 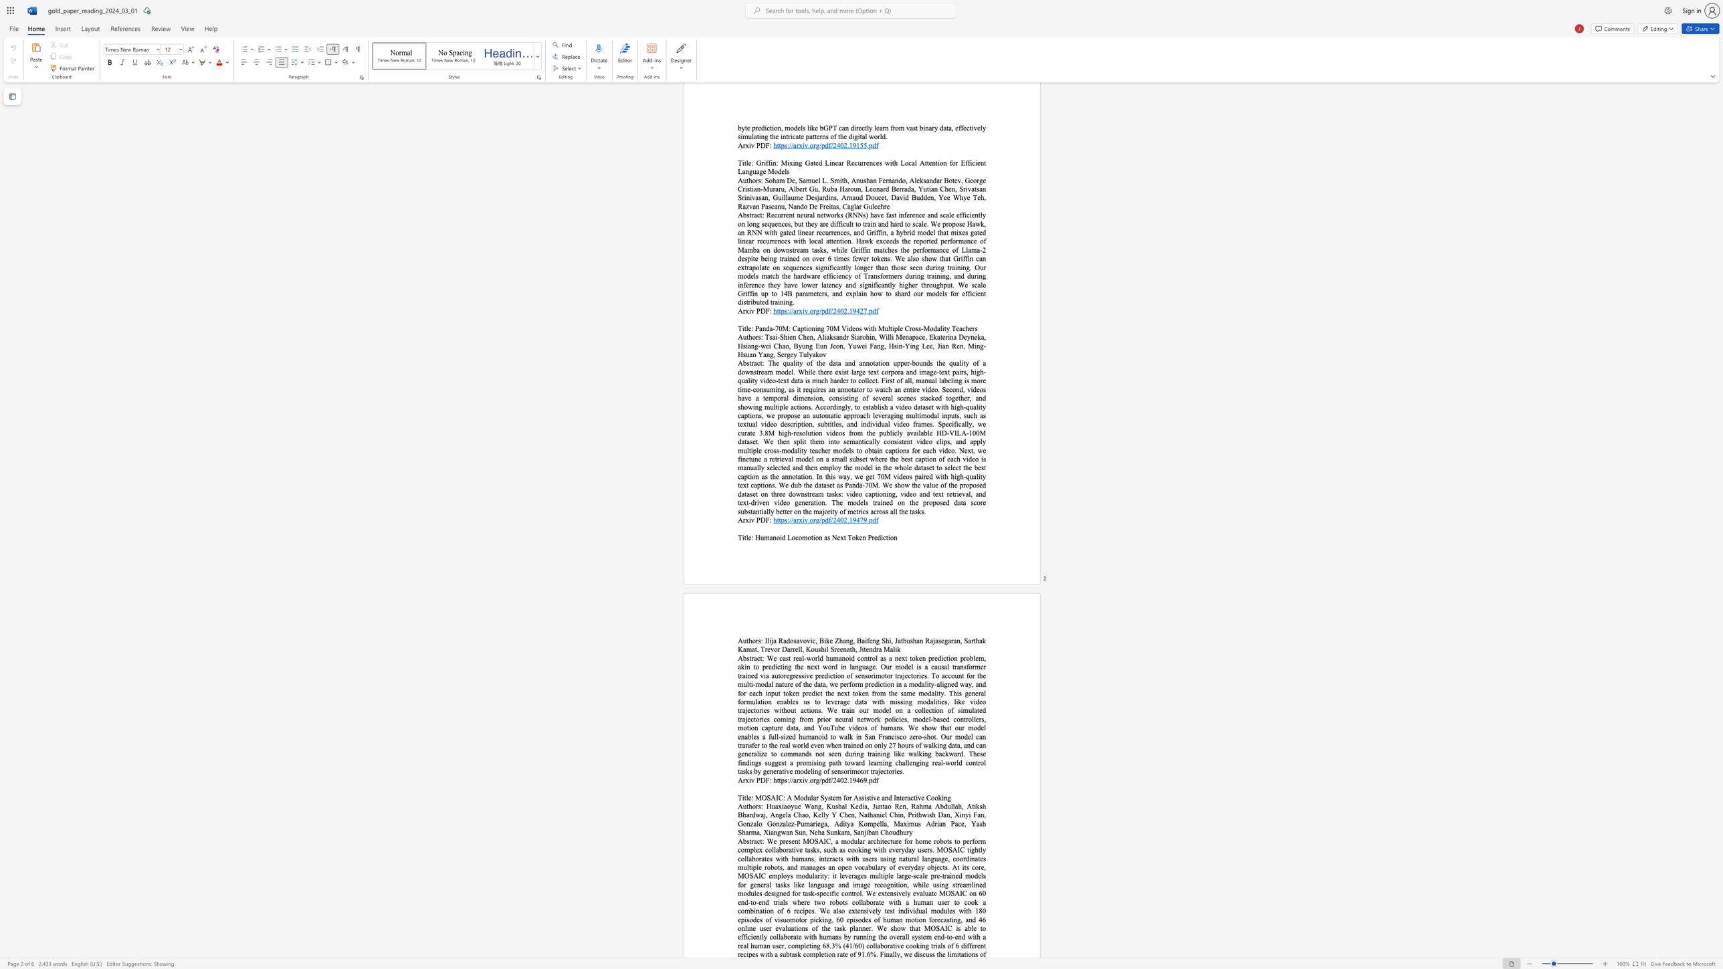 What do you see at coordinates (750, 780) in the screenshot?
I see `the subset text "v P" within the text "Arxiv PDF:"` at bounding box center [750, 780].